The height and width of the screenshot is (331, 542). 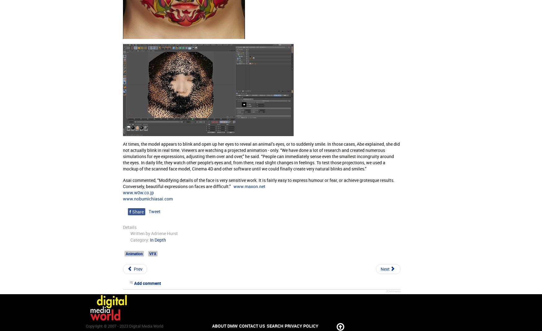 What do you see at coordinates (233, 186) in the screenshot?
I see `'www.maxon.net'` at bounding box center [233, 186].